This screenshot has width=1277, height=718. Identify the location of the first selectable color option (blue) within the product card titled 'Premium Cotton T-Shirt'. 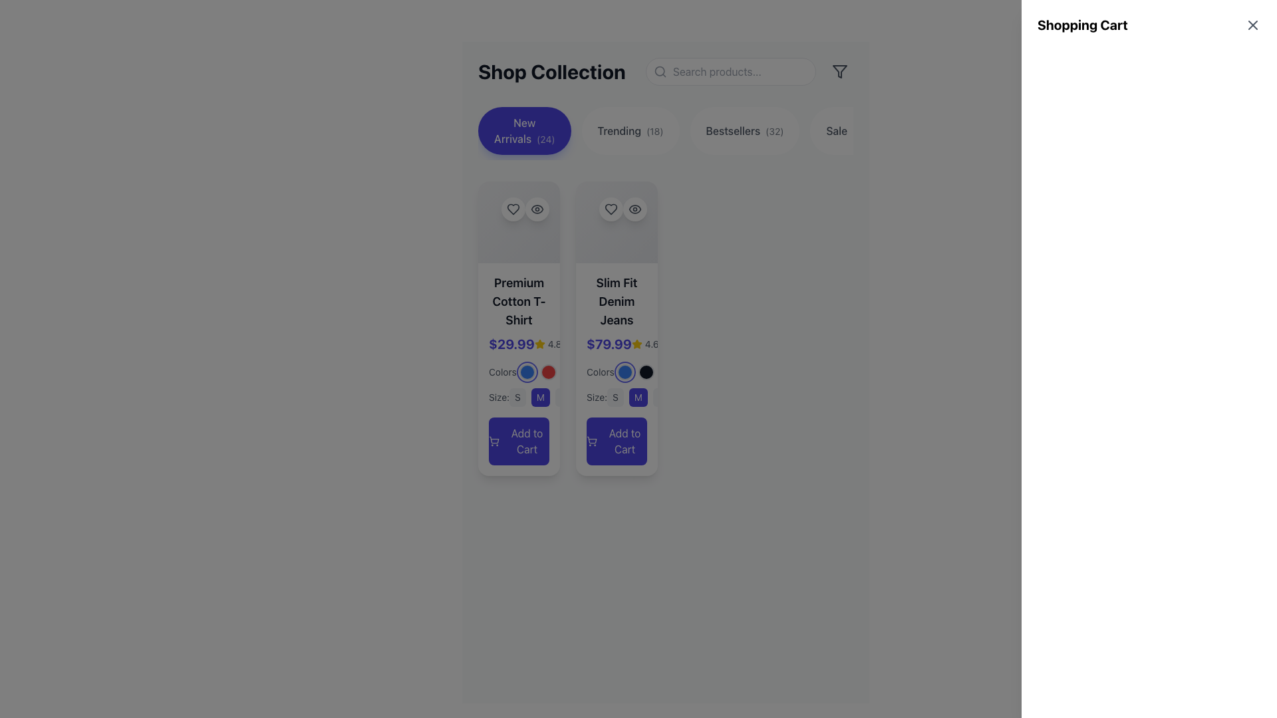
(518, 369).